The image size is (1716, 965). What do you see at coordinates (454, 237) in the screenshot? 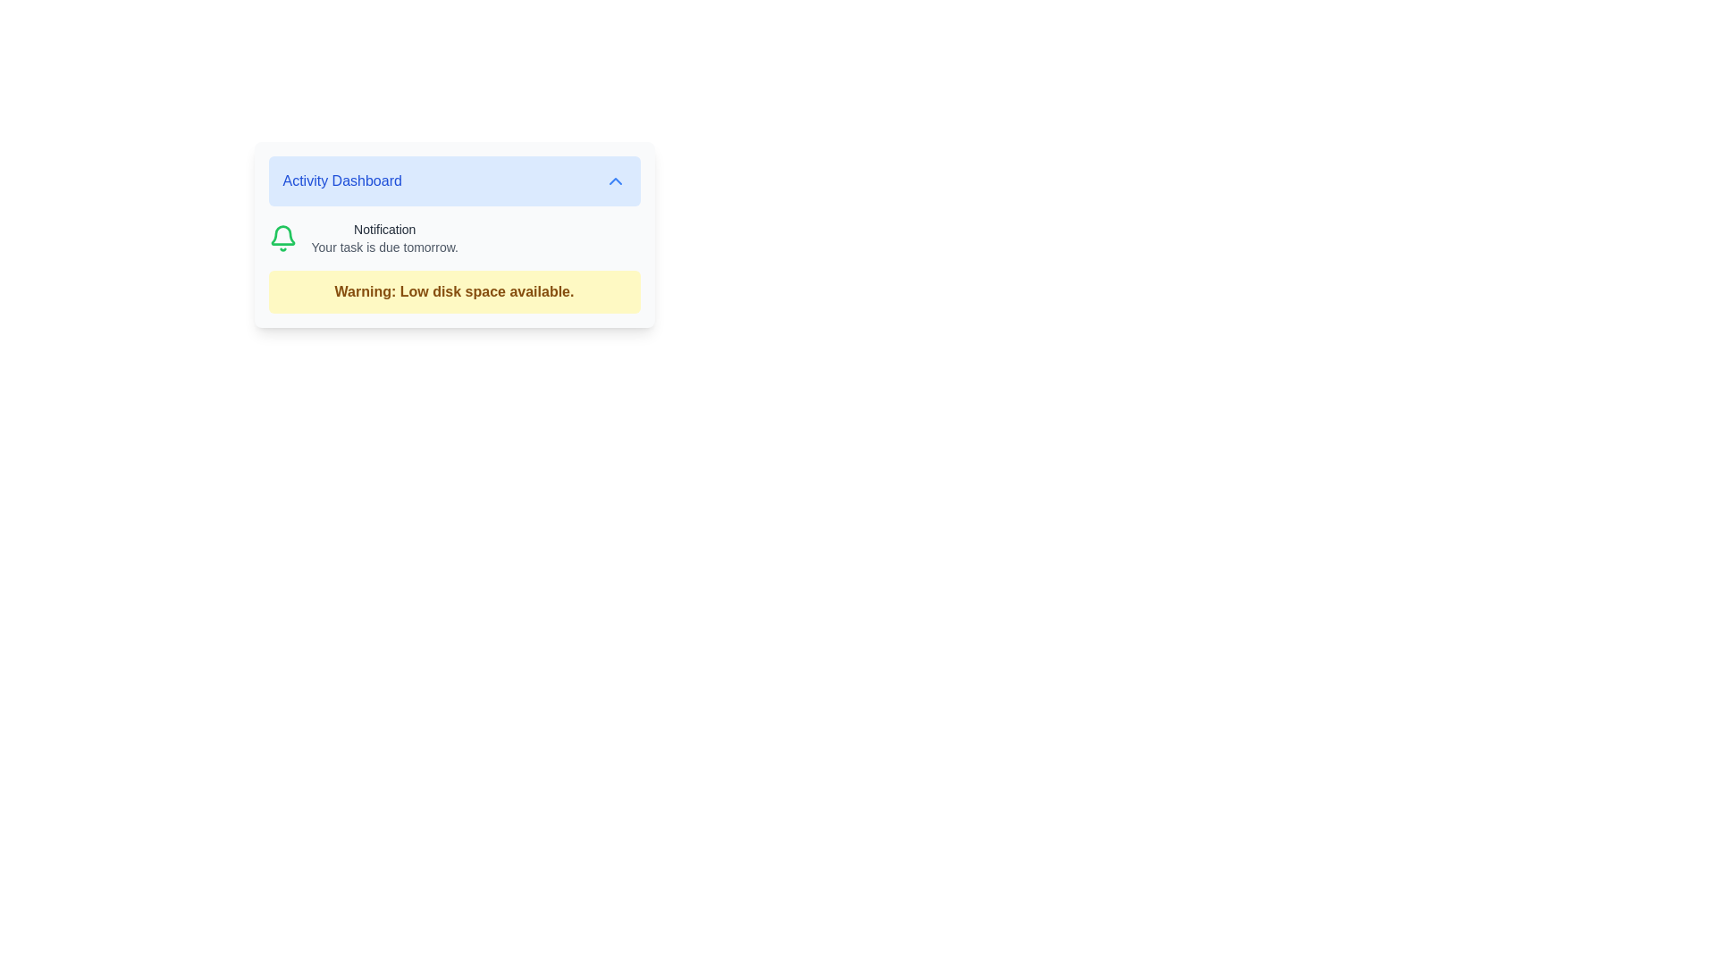
I see `the notification settings icon on the first notification item in the Activity Dashboard panel, which informs the user of a task due date` at bounding box center [454, 237].